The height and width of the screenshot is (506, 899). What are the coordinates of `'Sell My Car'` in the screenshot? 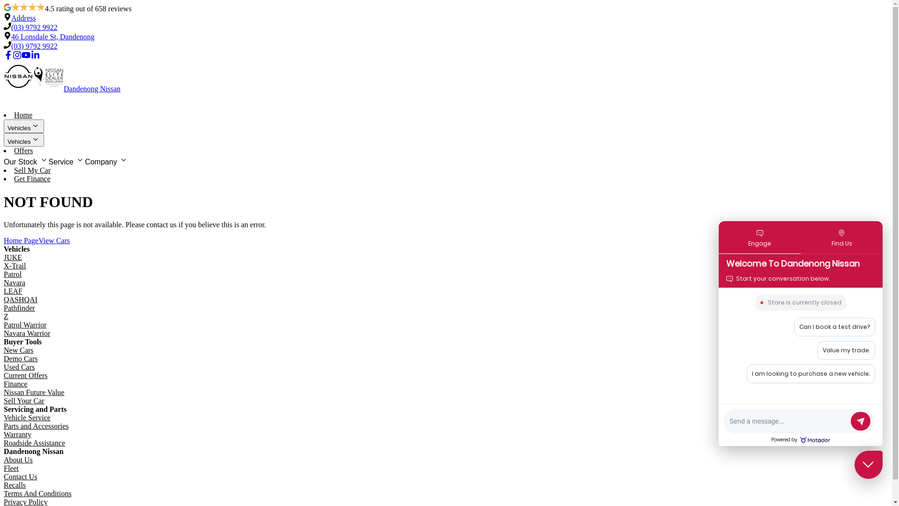 It's located at (14, 170).